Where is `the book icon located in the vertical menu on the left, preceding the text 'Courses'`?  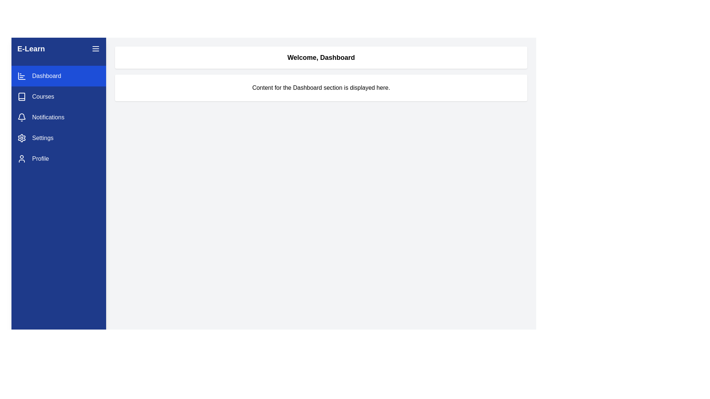 the book icon located in the vertical menu on the left, preceding the text 'Courses' is located at coordinates (21, 96).